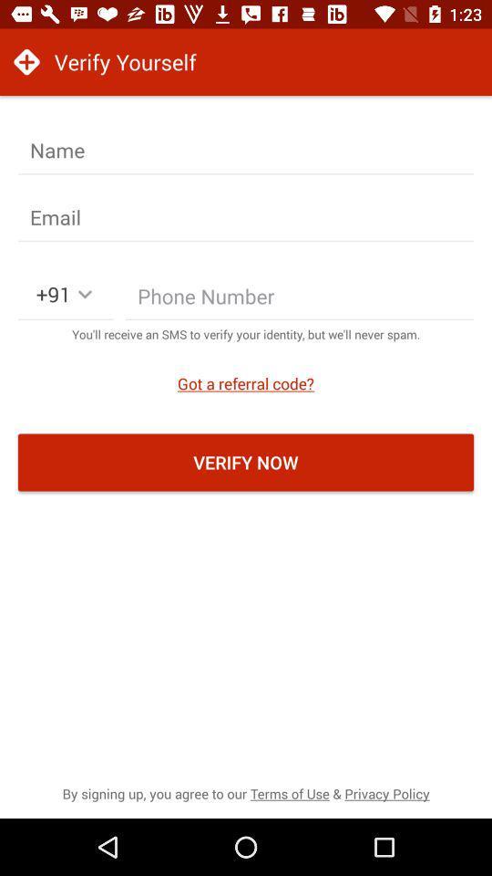 The width and height of the screenshot is (492, 876). I want to click on verify now, so click(246, 461).